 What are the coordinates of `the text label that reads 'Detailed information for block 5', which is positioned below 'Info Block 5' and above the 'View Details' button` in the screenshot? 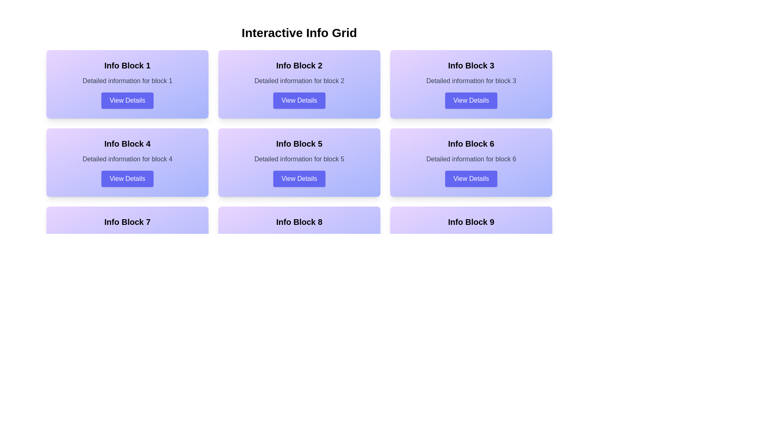 It's located at (299, 159).